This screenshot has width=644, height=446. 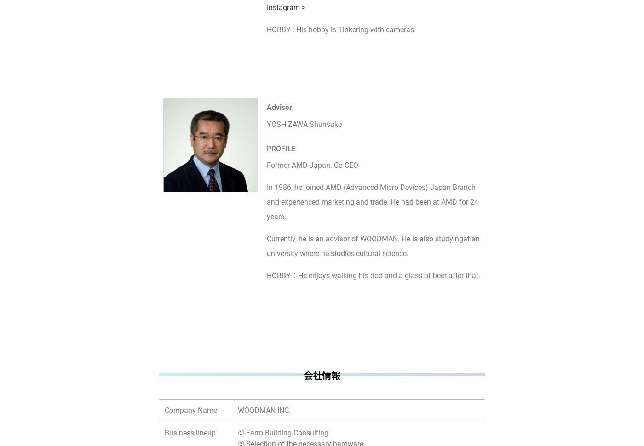 What do you see at coordinates (373, 246) in the screenshot?
I see `'Currently, he is an advisor of WOODMAN. He is also studyingat an university where he studies cultural science.'` at bounding box center [373, 246].